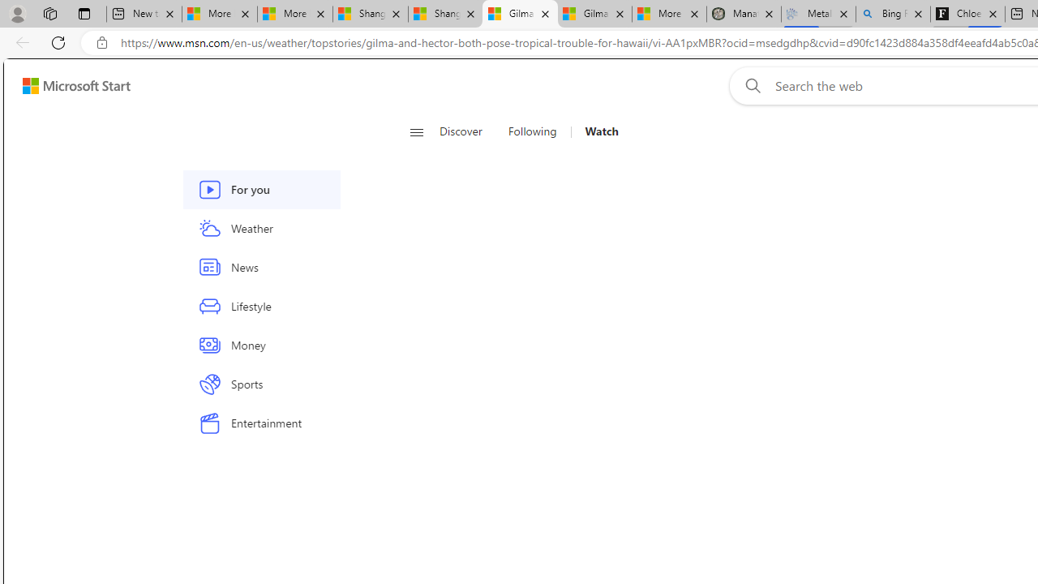 The image size is (1038, 584). What do you see at coordinates (594, 14) in the screenshot?
I see `'Gilma and Hector both pose tropical trouble for Hawaii'` at bounding box center [594, 14].